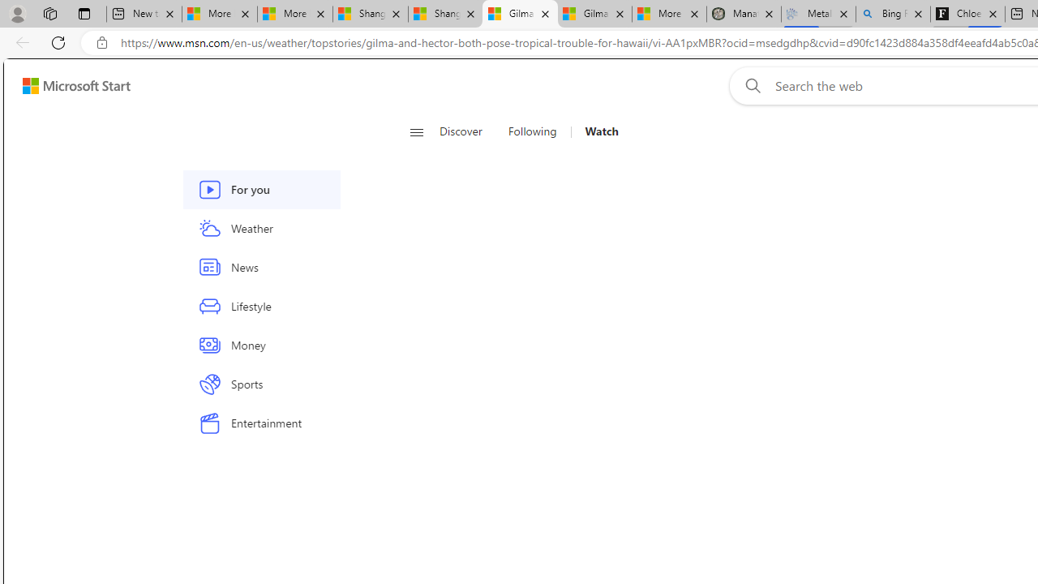 The image size is (1038, 584). What do you see at coordinates (594, 14) in the screenshot?
I see `'Gilma and Hector both pose tropical trouble for Hawaii'` at bounding box center [594, 14].